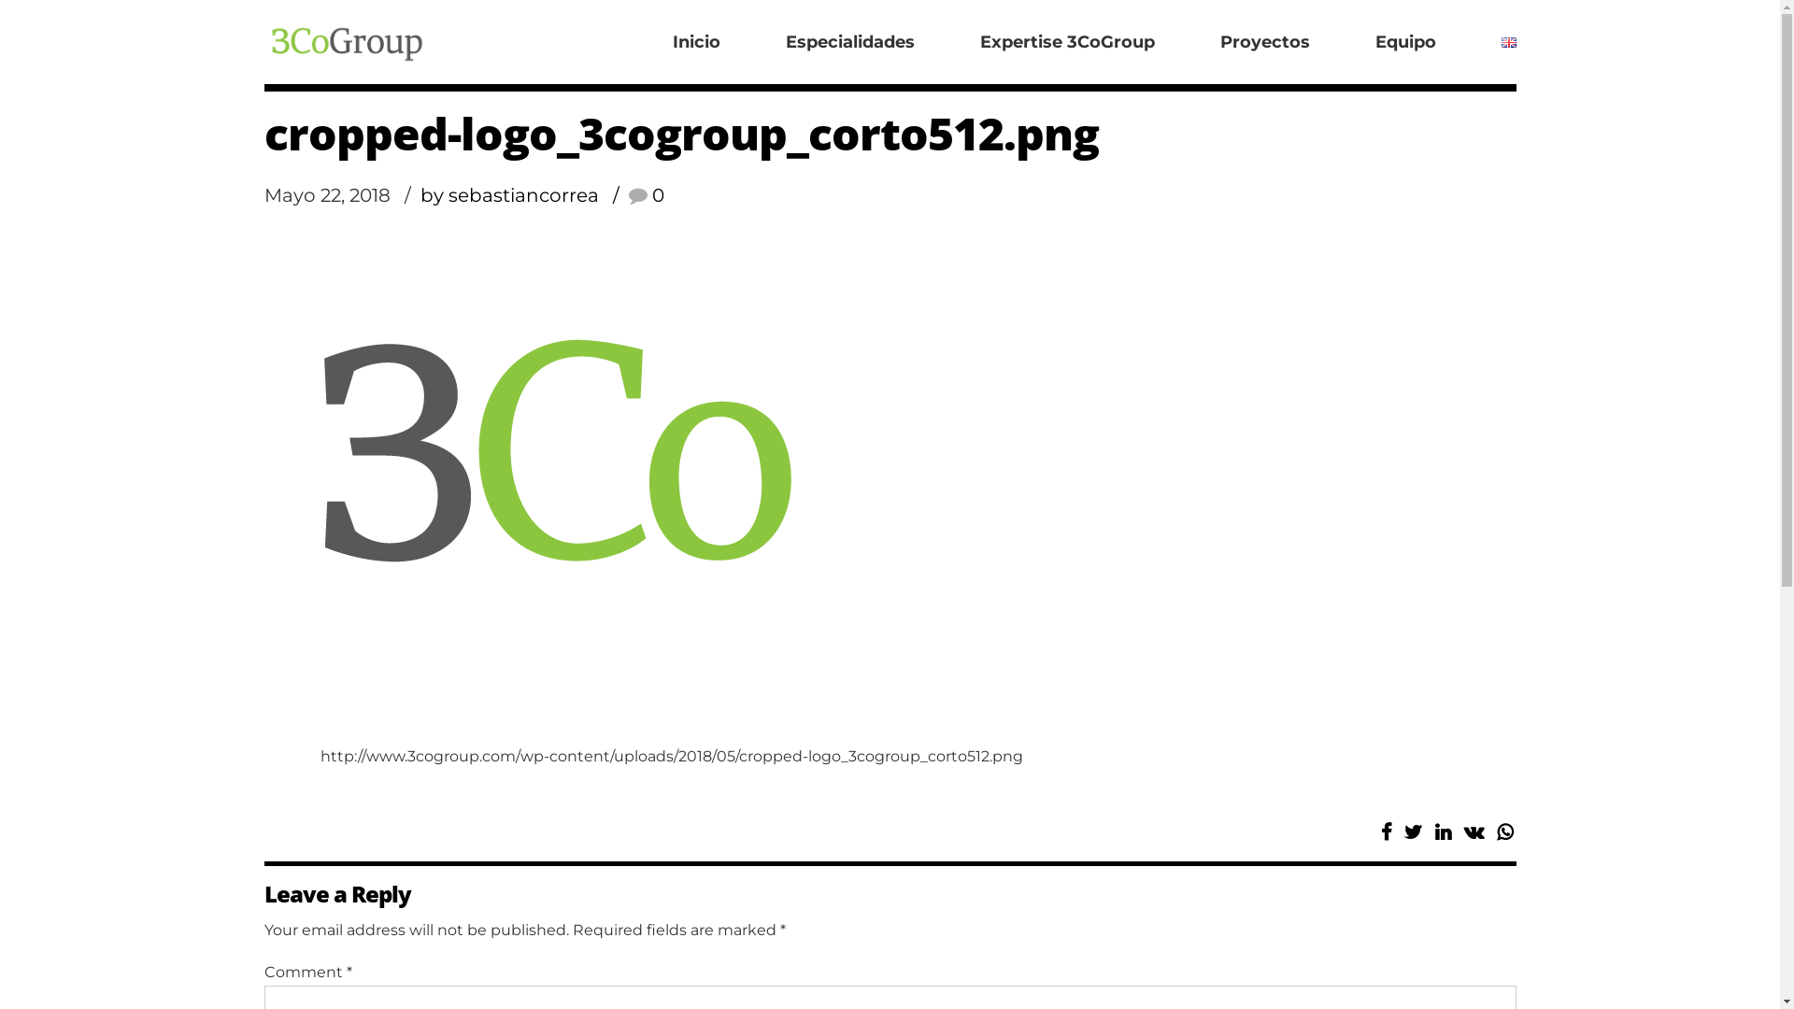 Image resolution: width=1794 pixels, height=1009 pixels. Describe the element at coordinates (695, 42) in the screenshot. I see `'Inicio'` at that location.